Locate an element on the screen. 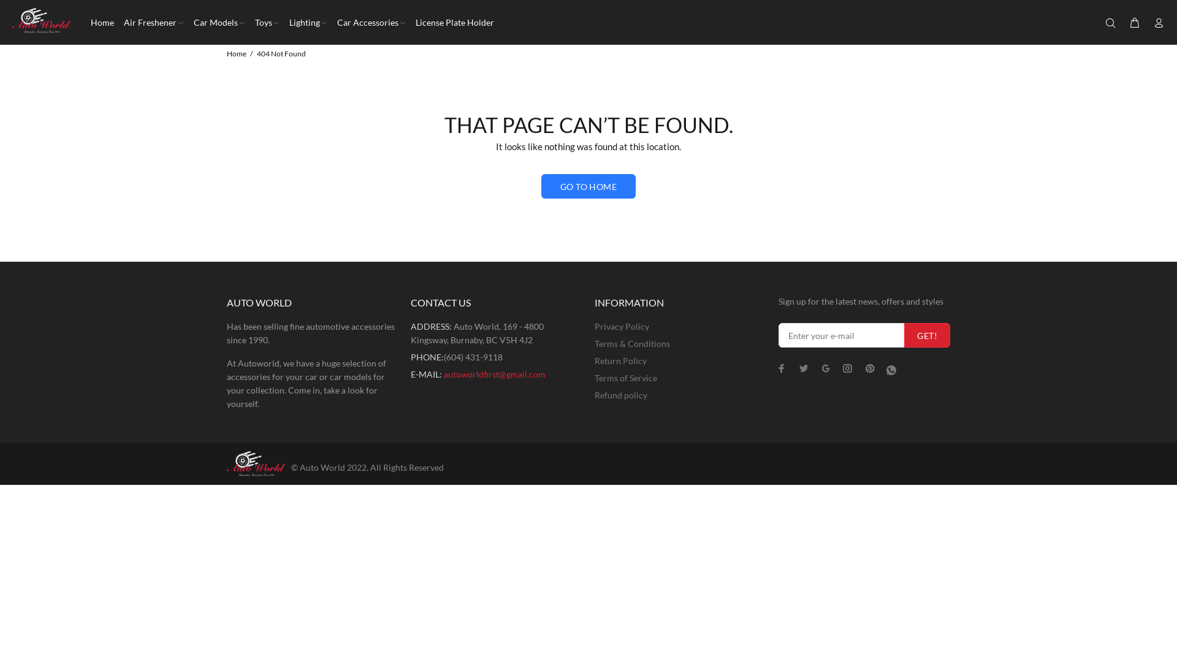 This screenshot has width=1177, height=662. 'GO TO HOME' is located at coordinates (588, 186).